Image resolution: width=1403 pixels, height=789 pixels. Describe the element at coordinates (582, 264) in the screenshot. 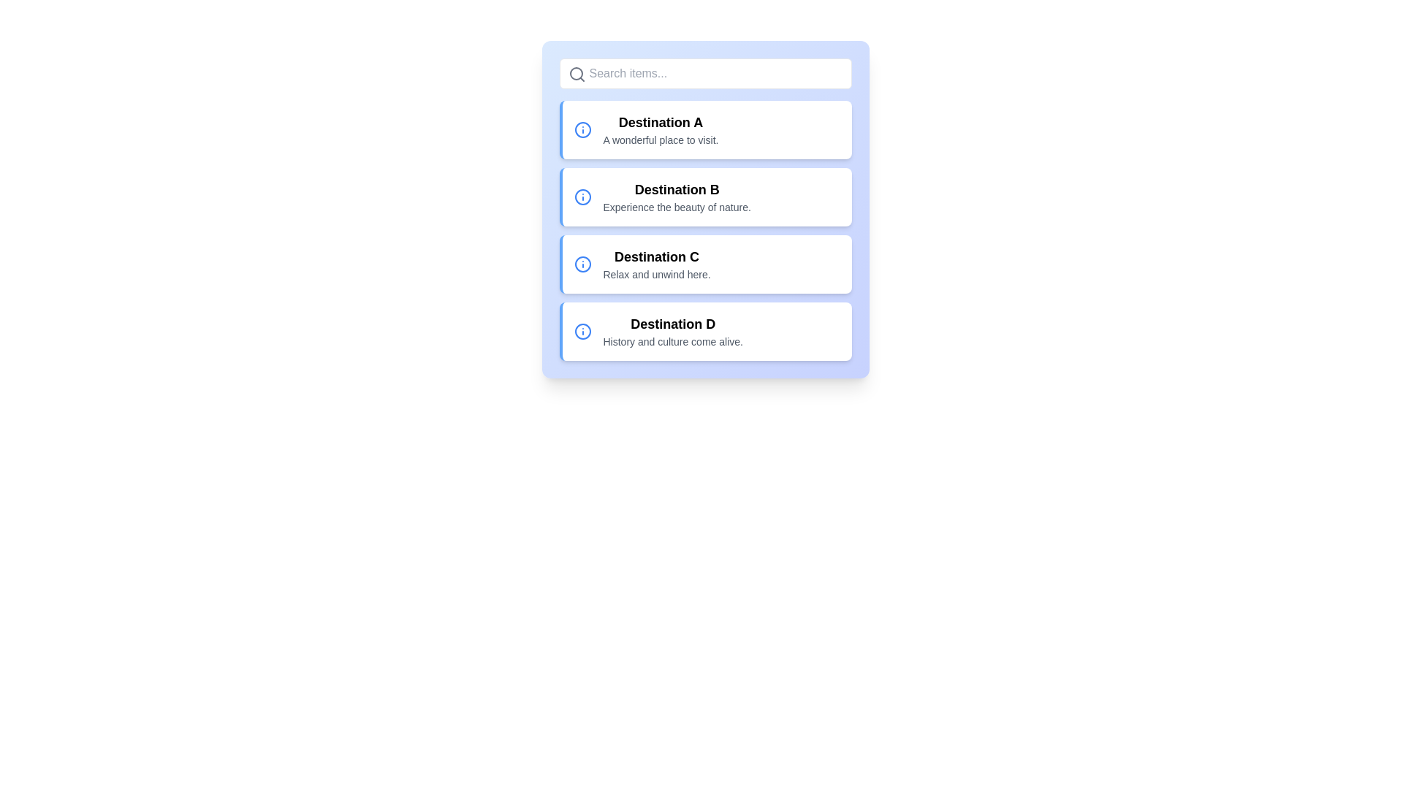

I see `the blue circular outline of the information symbol located to the left of the text 'Destination C'` at that location.